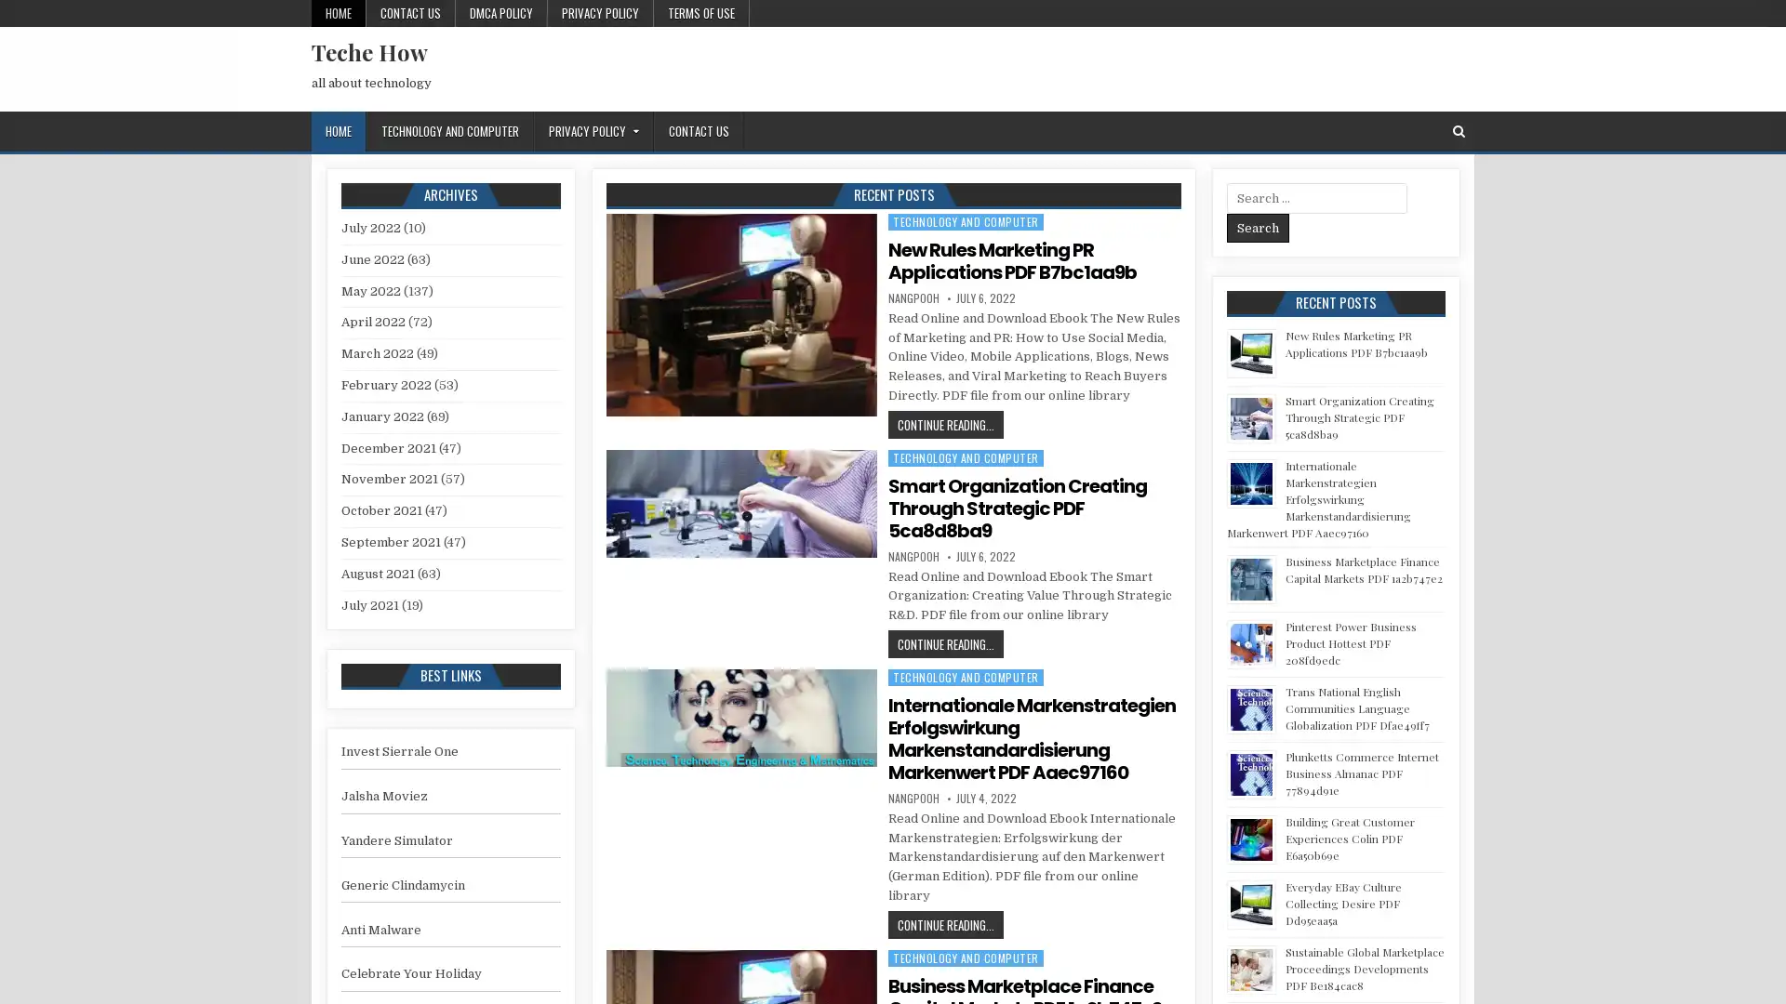 This screenshot has height=1004, width=1786. Describe the element at coordinates (1257, 227) in the screenshot. I see `Search` at that location.